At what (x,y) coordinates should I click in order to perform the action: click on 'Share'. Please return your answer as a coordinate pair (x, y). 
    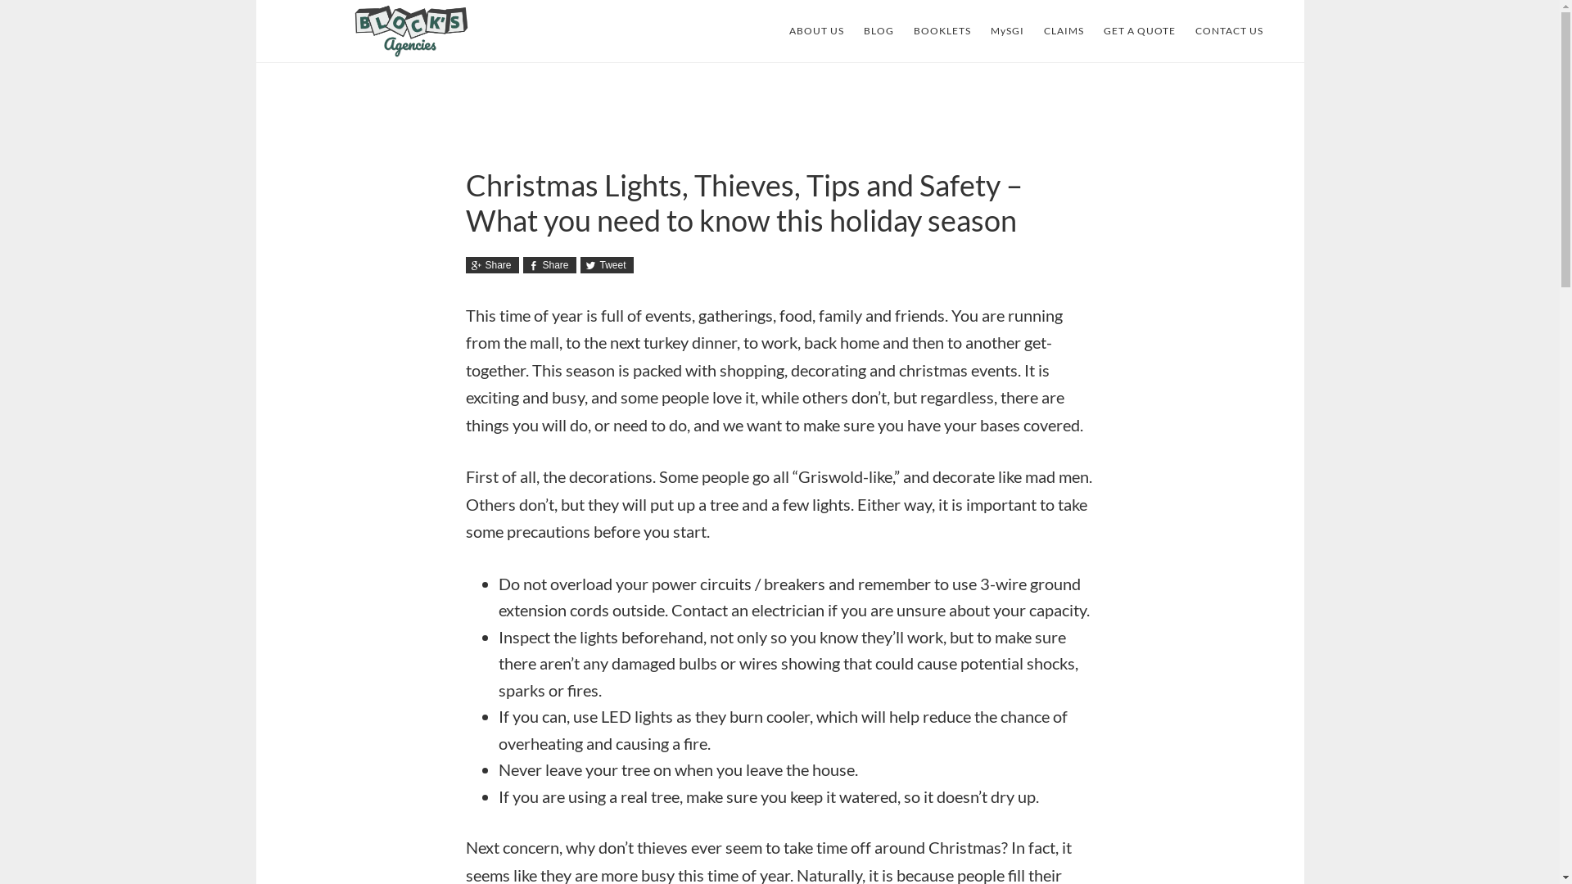
    Looking at the image, I should click on (549, 264).